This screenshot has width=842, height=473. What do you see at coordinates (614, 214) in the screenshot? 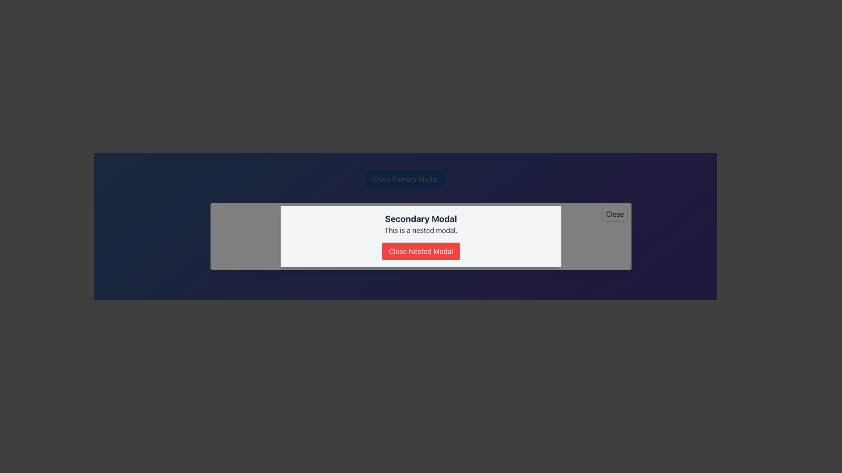
I see `the 'Close' button located in the top-right corner of the modal` at bounding box center [614, 214].